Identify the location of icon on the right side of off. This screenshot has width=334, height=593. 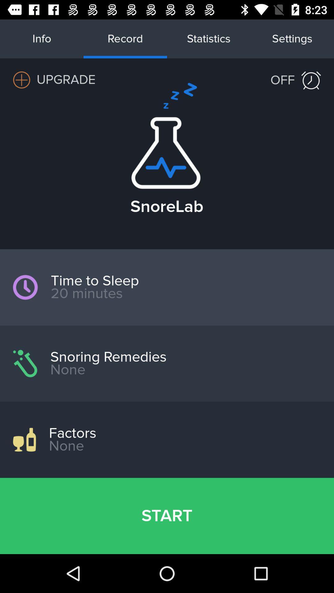
(311, 80).